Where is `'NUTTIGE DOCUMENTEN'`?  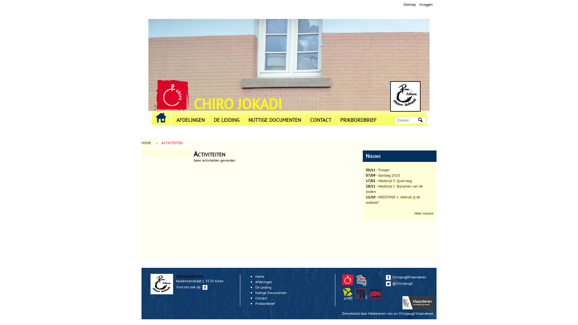 'NUTTIGE DOCUMENTEN' is located at coordinates (274, 120).